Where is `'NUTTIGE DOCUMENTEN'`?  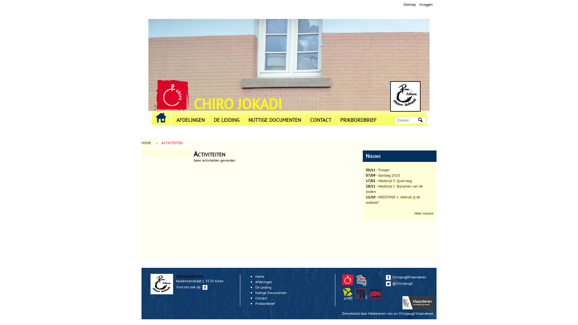 'NUTTIGE DOCUMENTEN' is located at coordinates (274, 120).